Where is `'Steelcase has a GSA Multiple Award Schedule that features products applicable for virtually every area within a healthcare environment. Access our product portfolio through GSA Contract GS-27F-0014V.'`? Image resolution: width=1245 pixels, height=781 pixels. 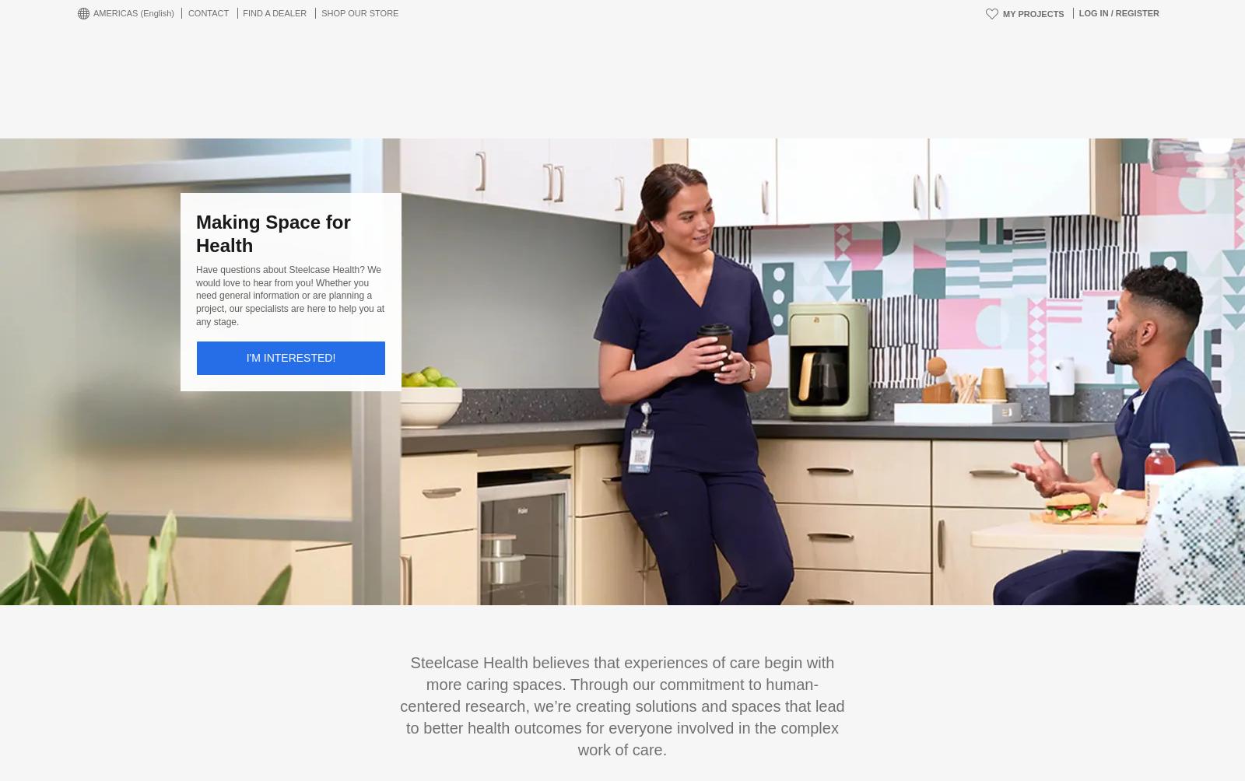 'Steelcase has a GSA Multiple Award Schedule that features products applicable for virtually every area within a healthcare environment. Access our product portfolio through GSA Contract GS-27F-0014V.' is located at coordinates (622, 688).